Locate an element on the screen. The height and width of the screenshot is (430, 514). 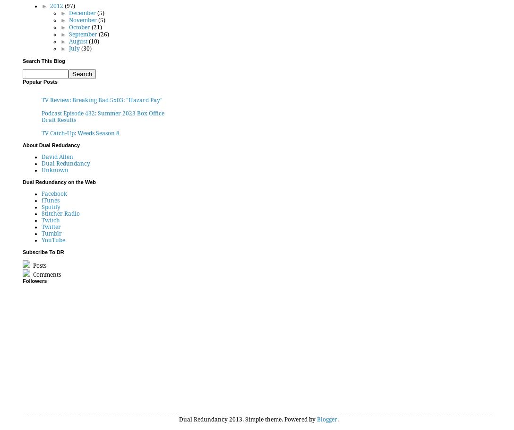
'(10)' is located at coordinates (93, 41).